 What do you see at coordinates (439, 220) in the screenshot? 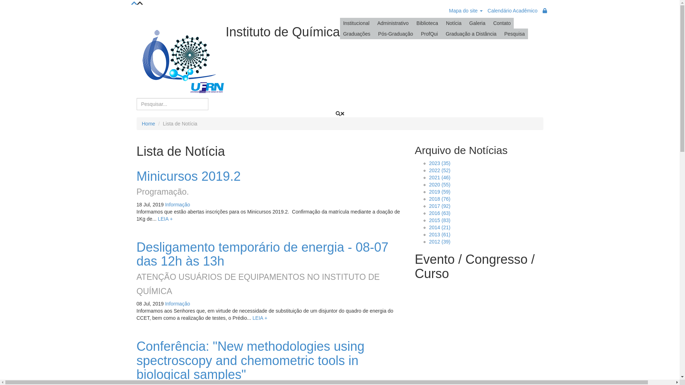
I see `'2015 (83)'` at bounding box center [439, 220].